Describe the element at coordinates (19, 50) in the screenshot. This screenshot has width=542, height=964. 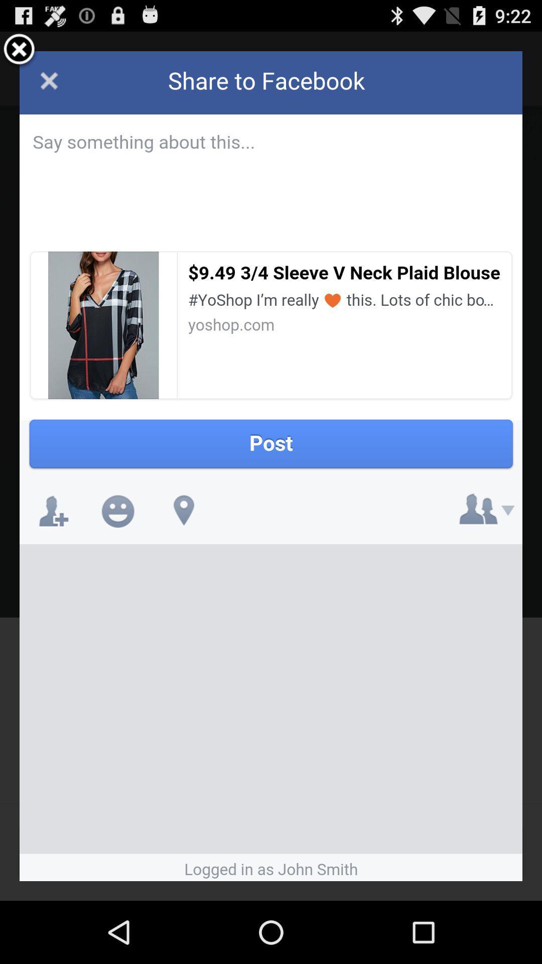
I see `button` at that location.